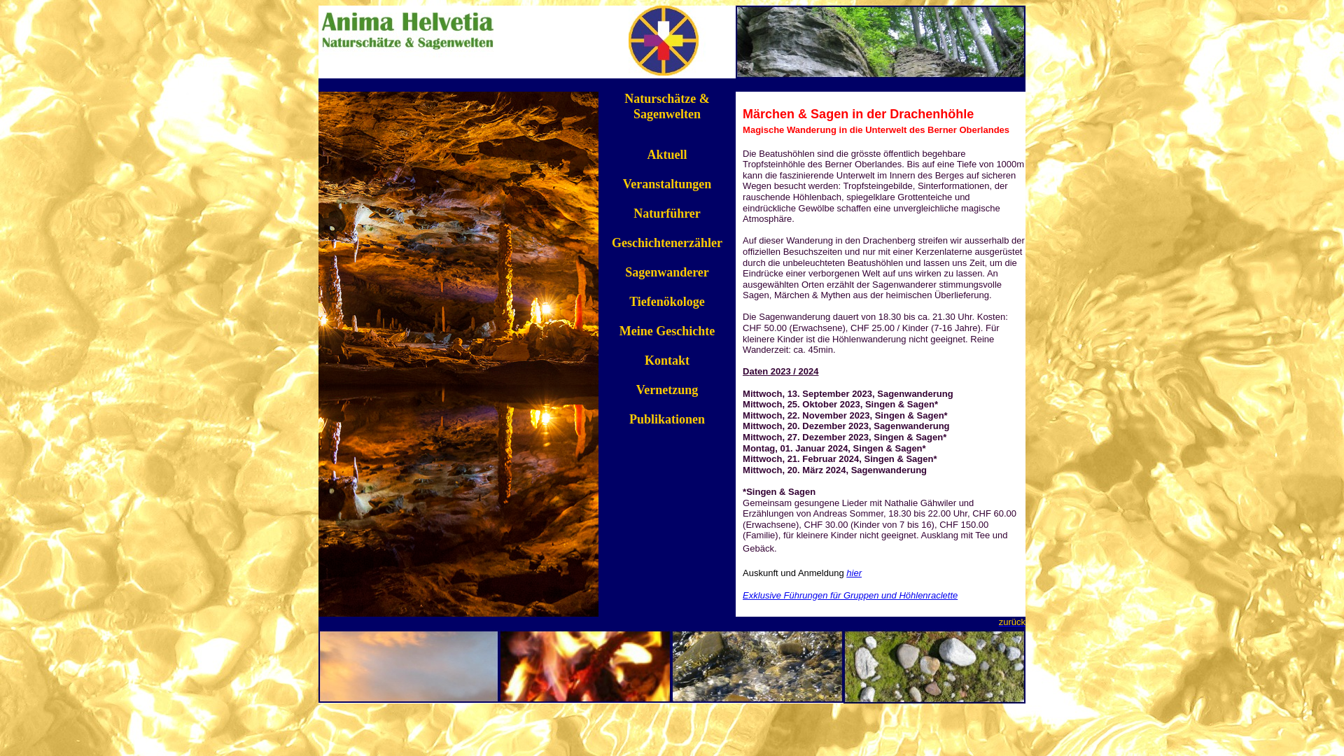  I want to click on 'Publikationen', so click(666, 418).